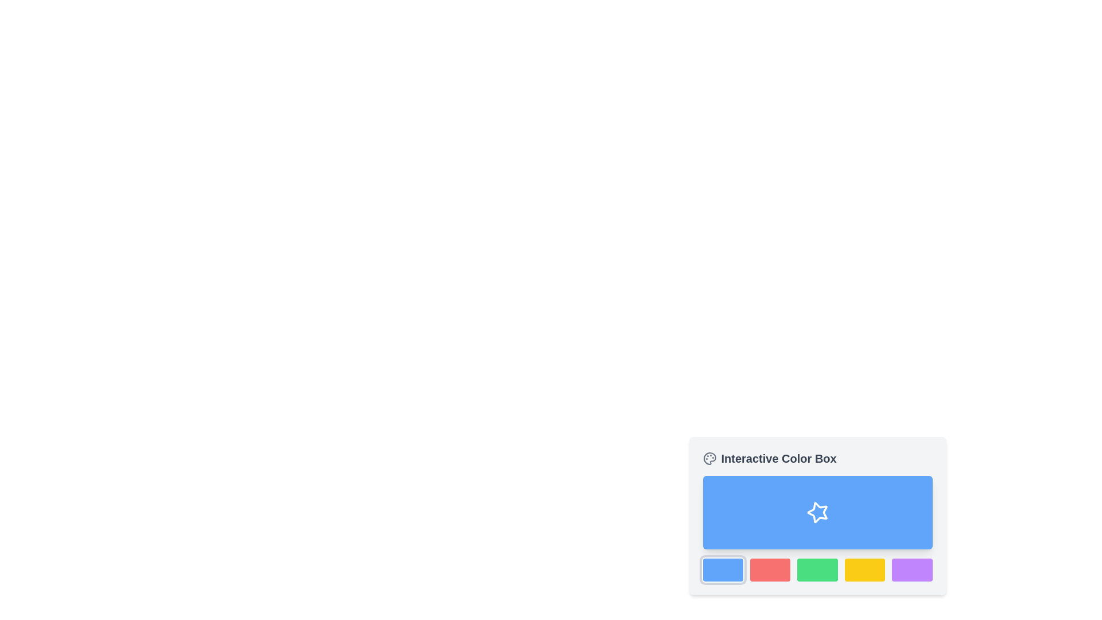  I want to click on the star icon located at the center of the blue rectangular section labeled 'Interactive Color Box', which serves as a decorative or loading indicator, so click(817, 512).